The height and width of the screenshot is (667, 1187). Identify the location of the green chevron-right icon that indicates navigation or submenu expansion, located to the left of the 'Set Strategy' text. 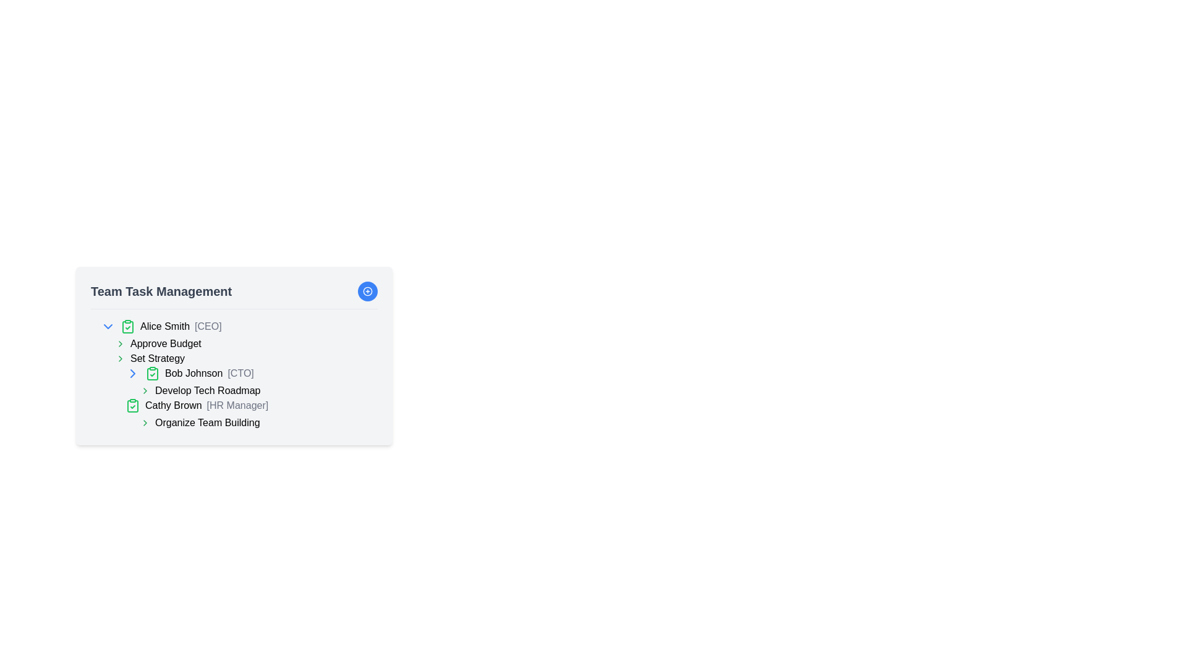
(121, 359).